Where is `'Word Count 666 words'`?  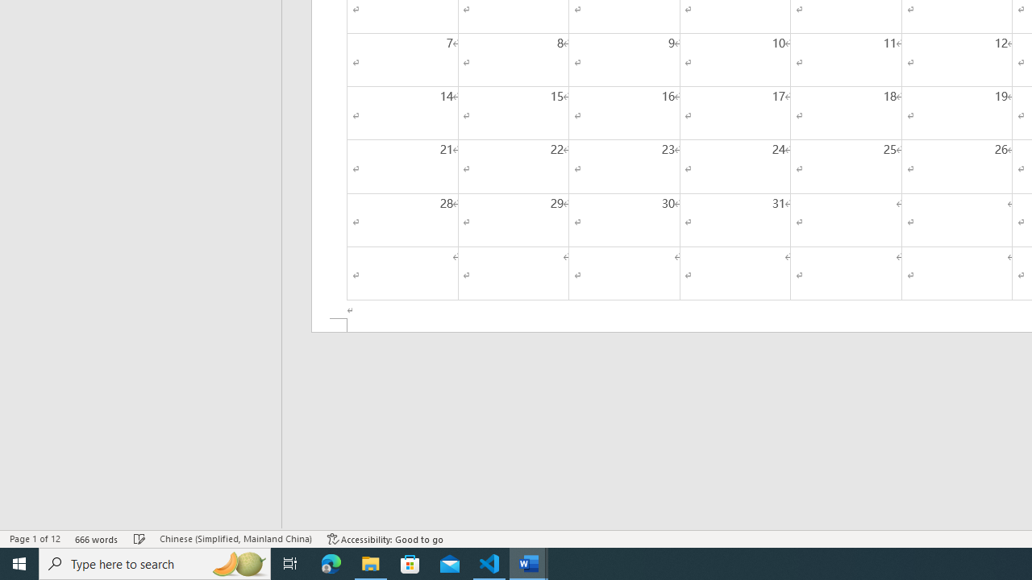 'Word Count 666 words' is located at coordinates (96, 539).